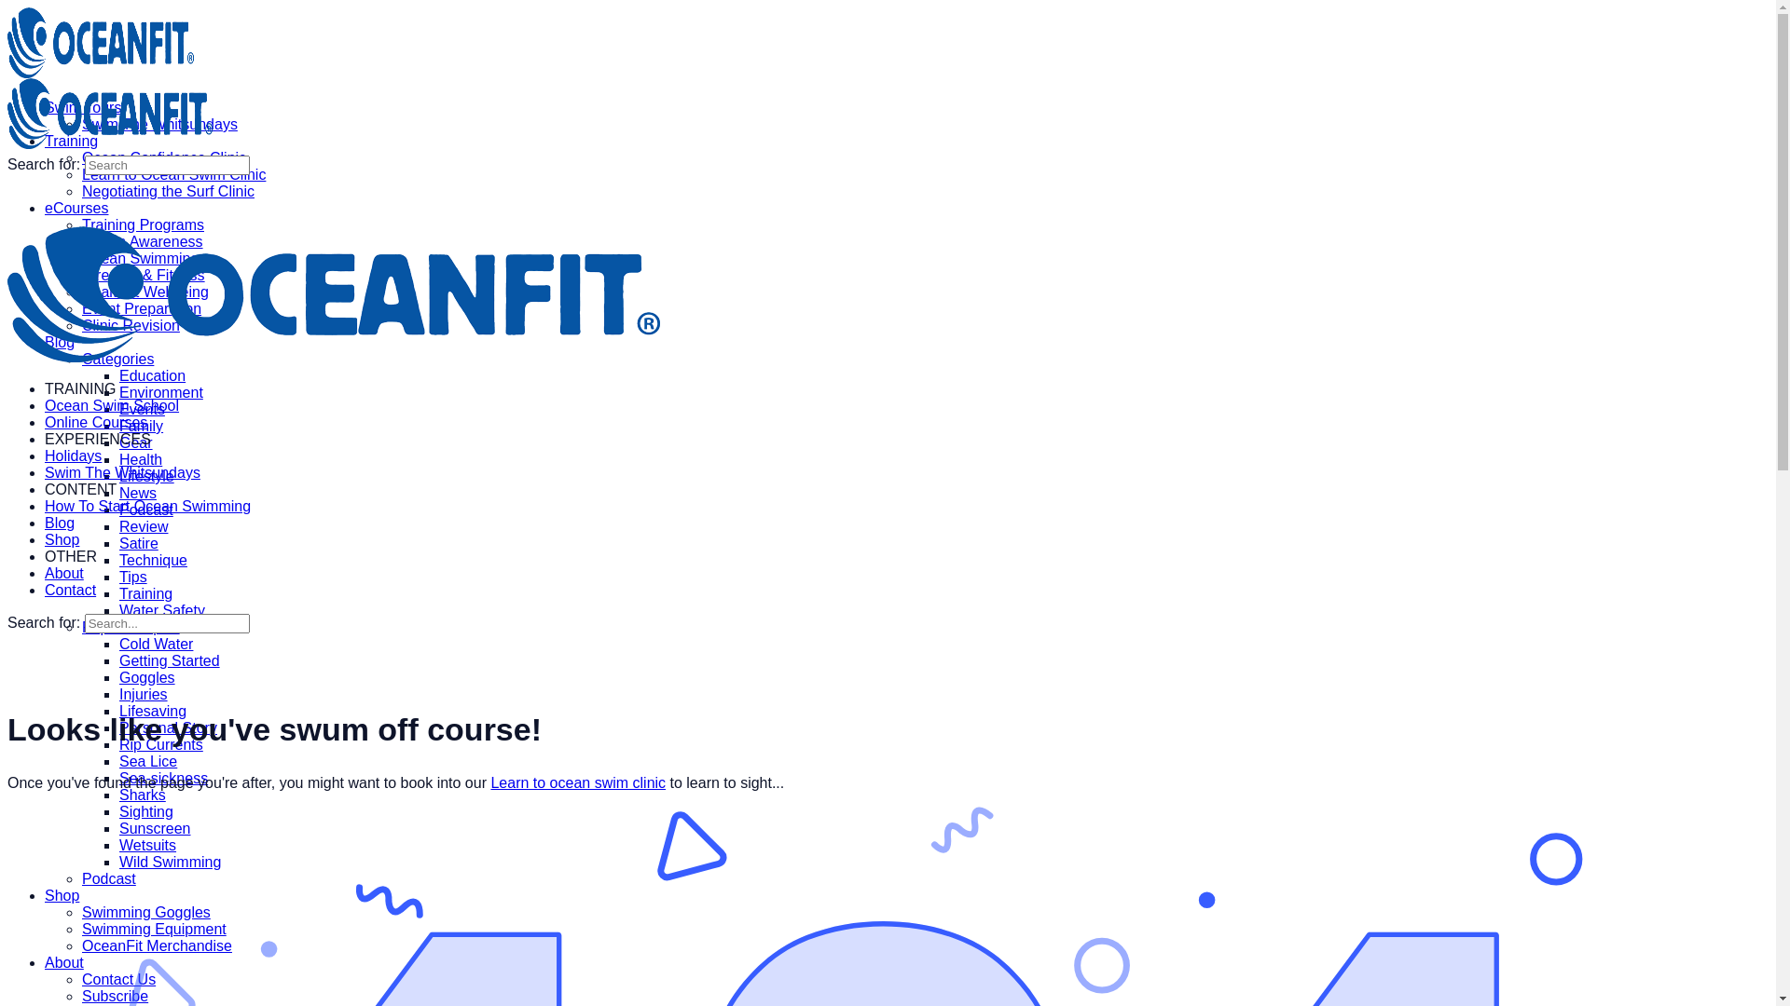 The image size is (1790, 1006). Describe the element at coordinates (146, 506) in the screenshot. I see `'How To Start Ocean Swimming'` at that location.